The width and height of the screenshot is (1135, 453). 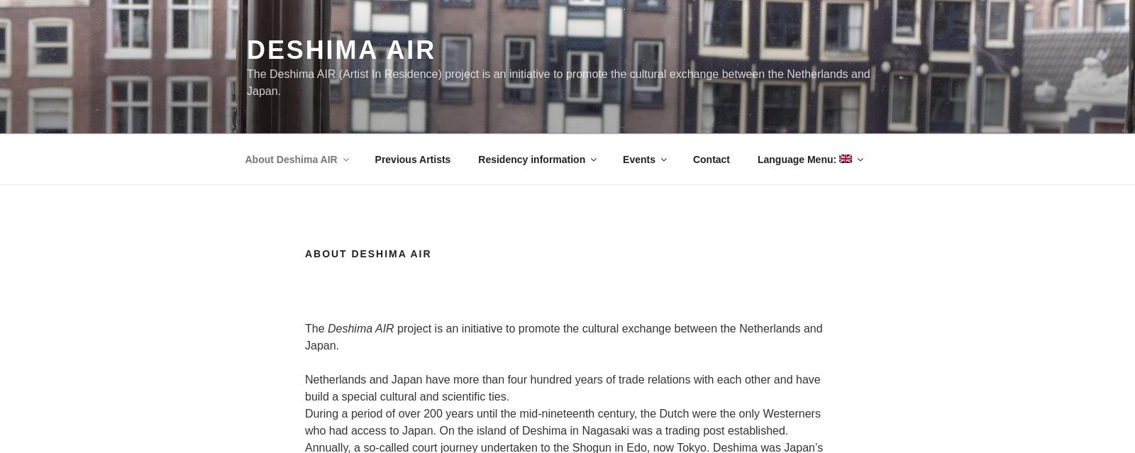 What do you see at coordinates (315, 328) in the screenshot?
I see `'The'` at bounding box center [315, 328].